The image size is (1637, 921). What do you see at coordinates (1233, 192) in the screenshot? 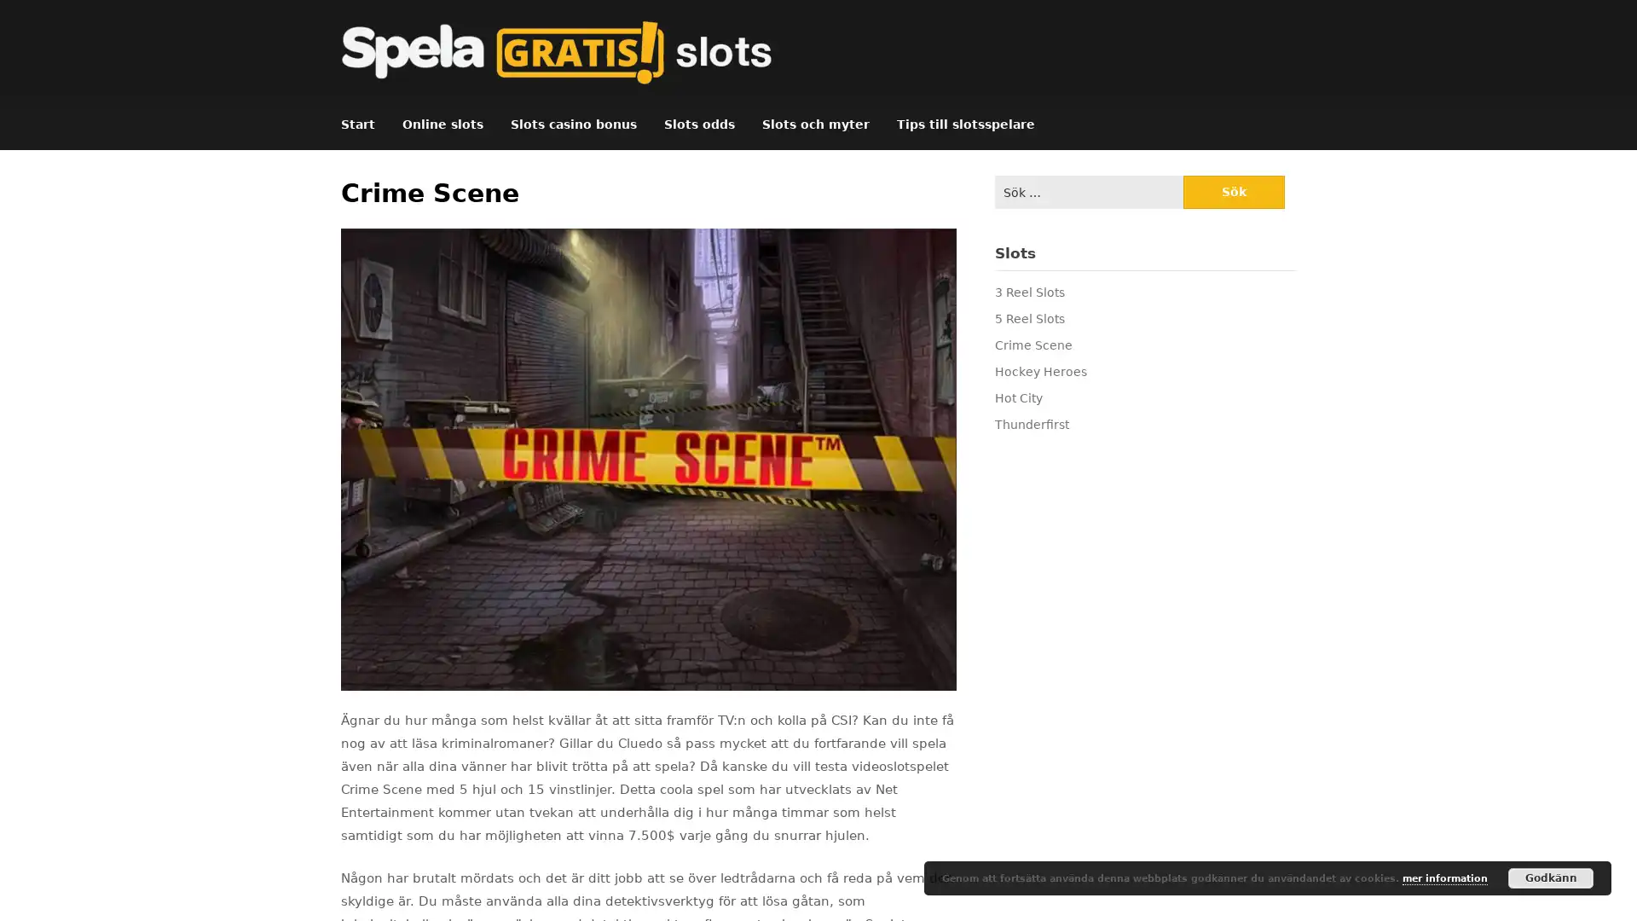
I see `Sok` at bounding box center [1233, 192].